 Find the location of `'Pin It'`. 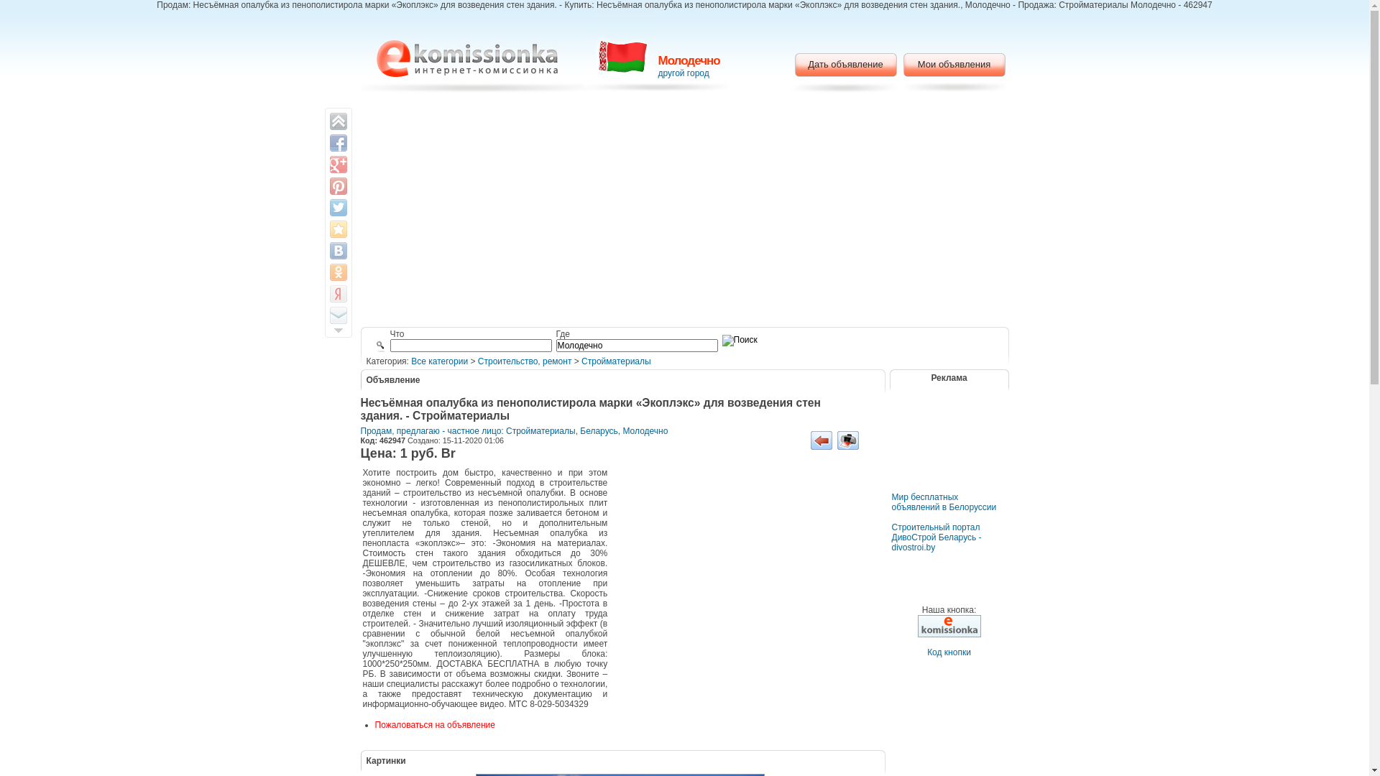

'Pin It' is located at coordinates (337, 185).